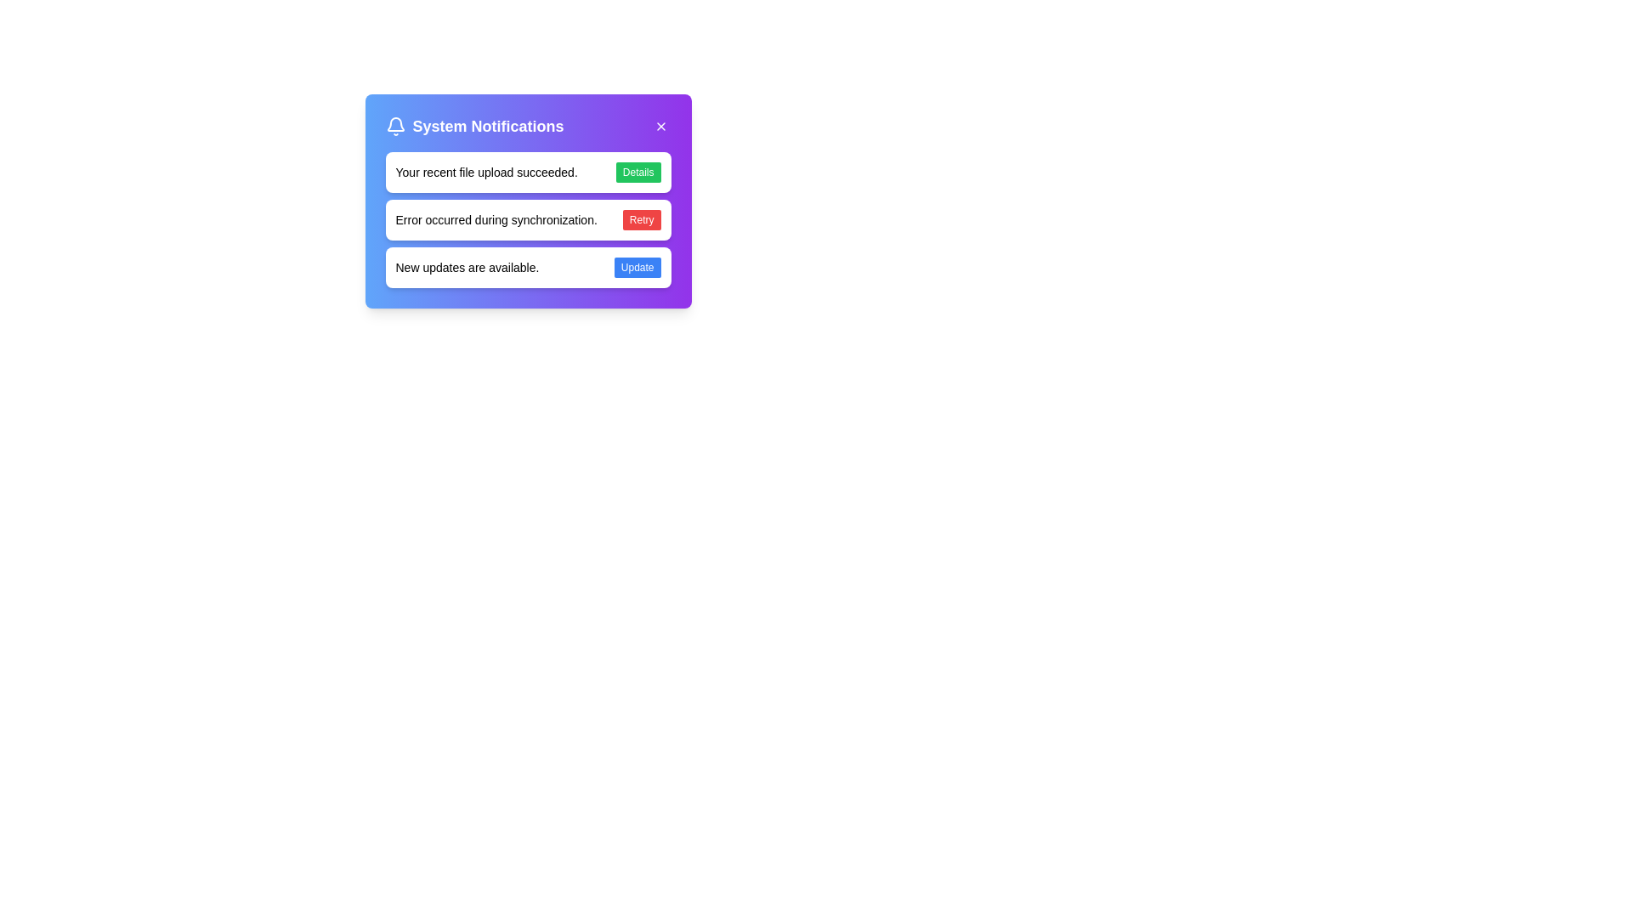 The width and height of the screenshot is (1632, 918). What do you see at coordinates (467, 268) in the screenshot?
I see `text label that informs users about the availability of updates, located in the notification card near the bottom left, to the left of the 'Update' button` at bounding box center [467, 268].